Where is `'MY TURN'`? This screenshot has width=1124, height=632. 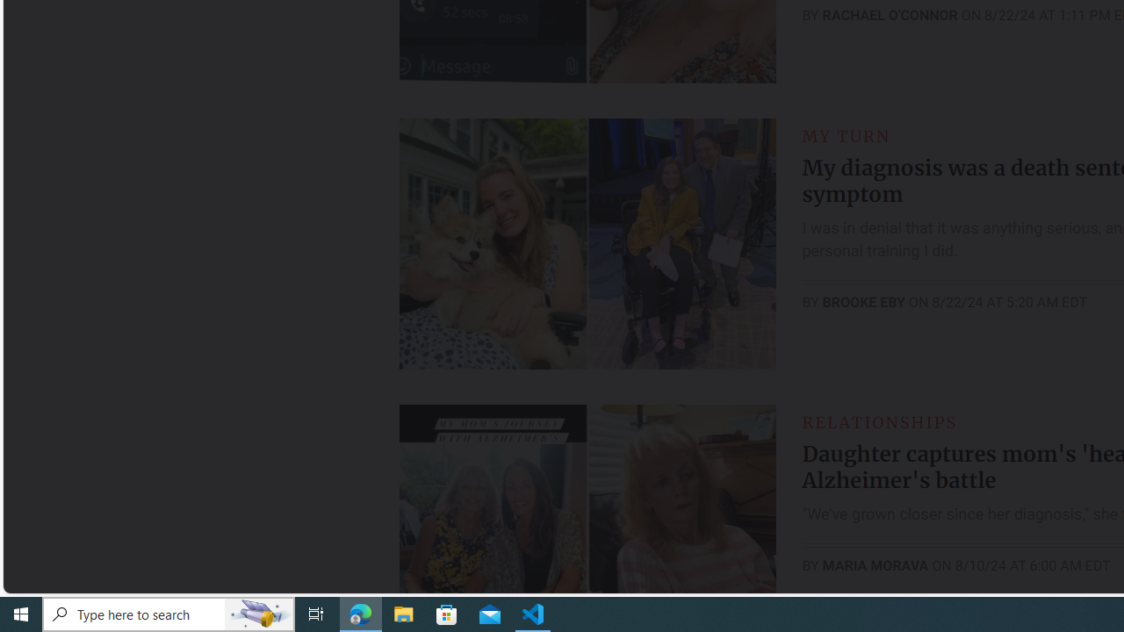 'MY TURN' is located at coordinates (846, 135).